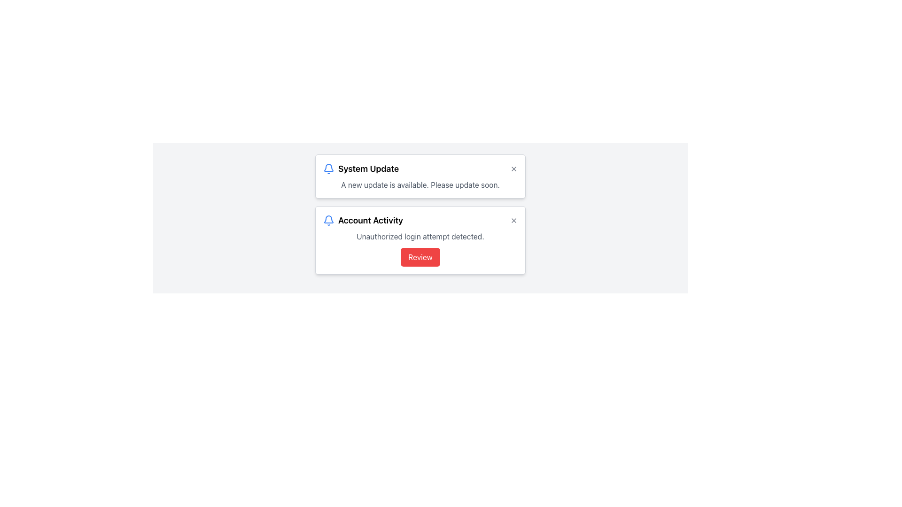 The width and height of the screenshot is (902, 507). Describe the element at coordinates (329, 221) in the screenshot. I see `the notification icon located at the leftmost position within the 'Account Activity' section, preceding the textual description` at that location.